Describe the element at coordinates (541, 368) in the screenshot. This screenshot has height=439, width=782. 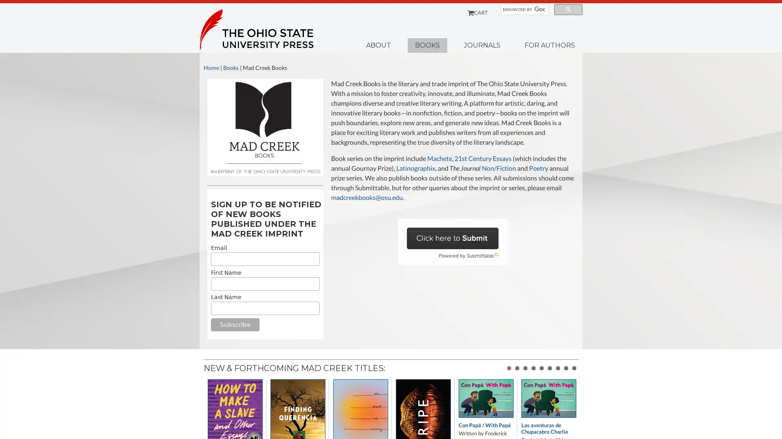
I see `5` at that location.